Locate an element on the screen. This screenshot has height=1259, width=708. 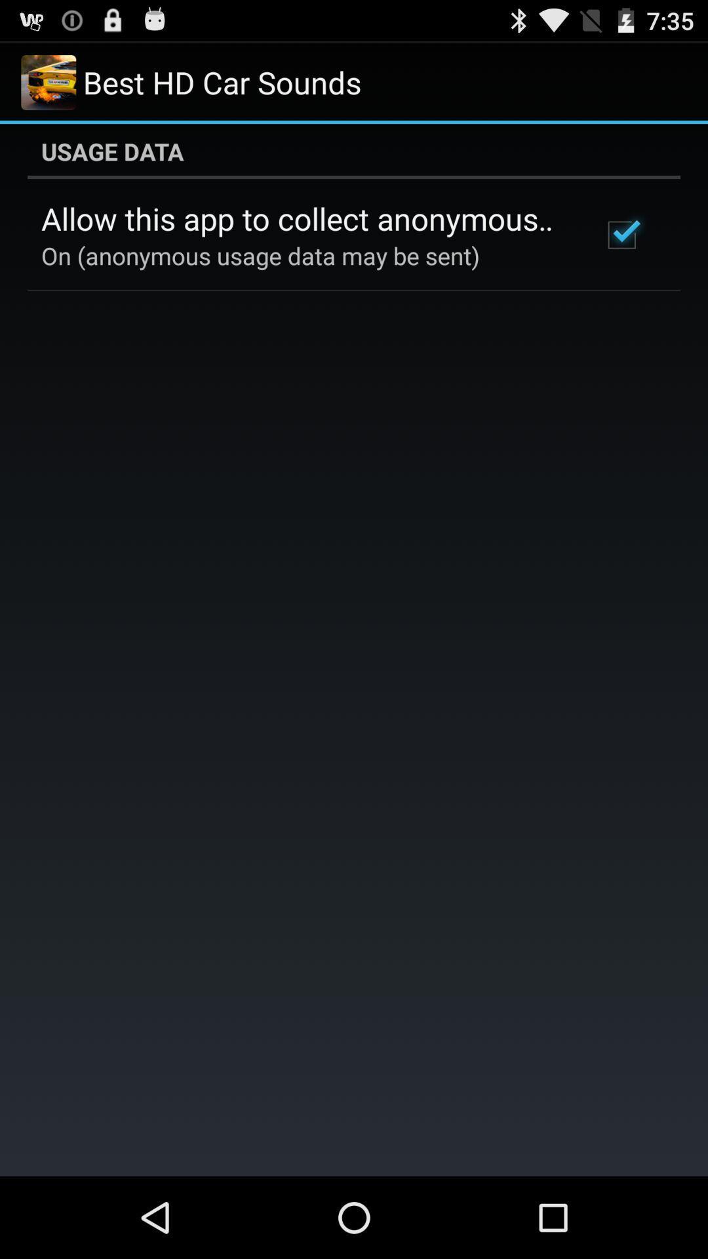
icon above the on anonymous usage is located at coordinates (304, 218).